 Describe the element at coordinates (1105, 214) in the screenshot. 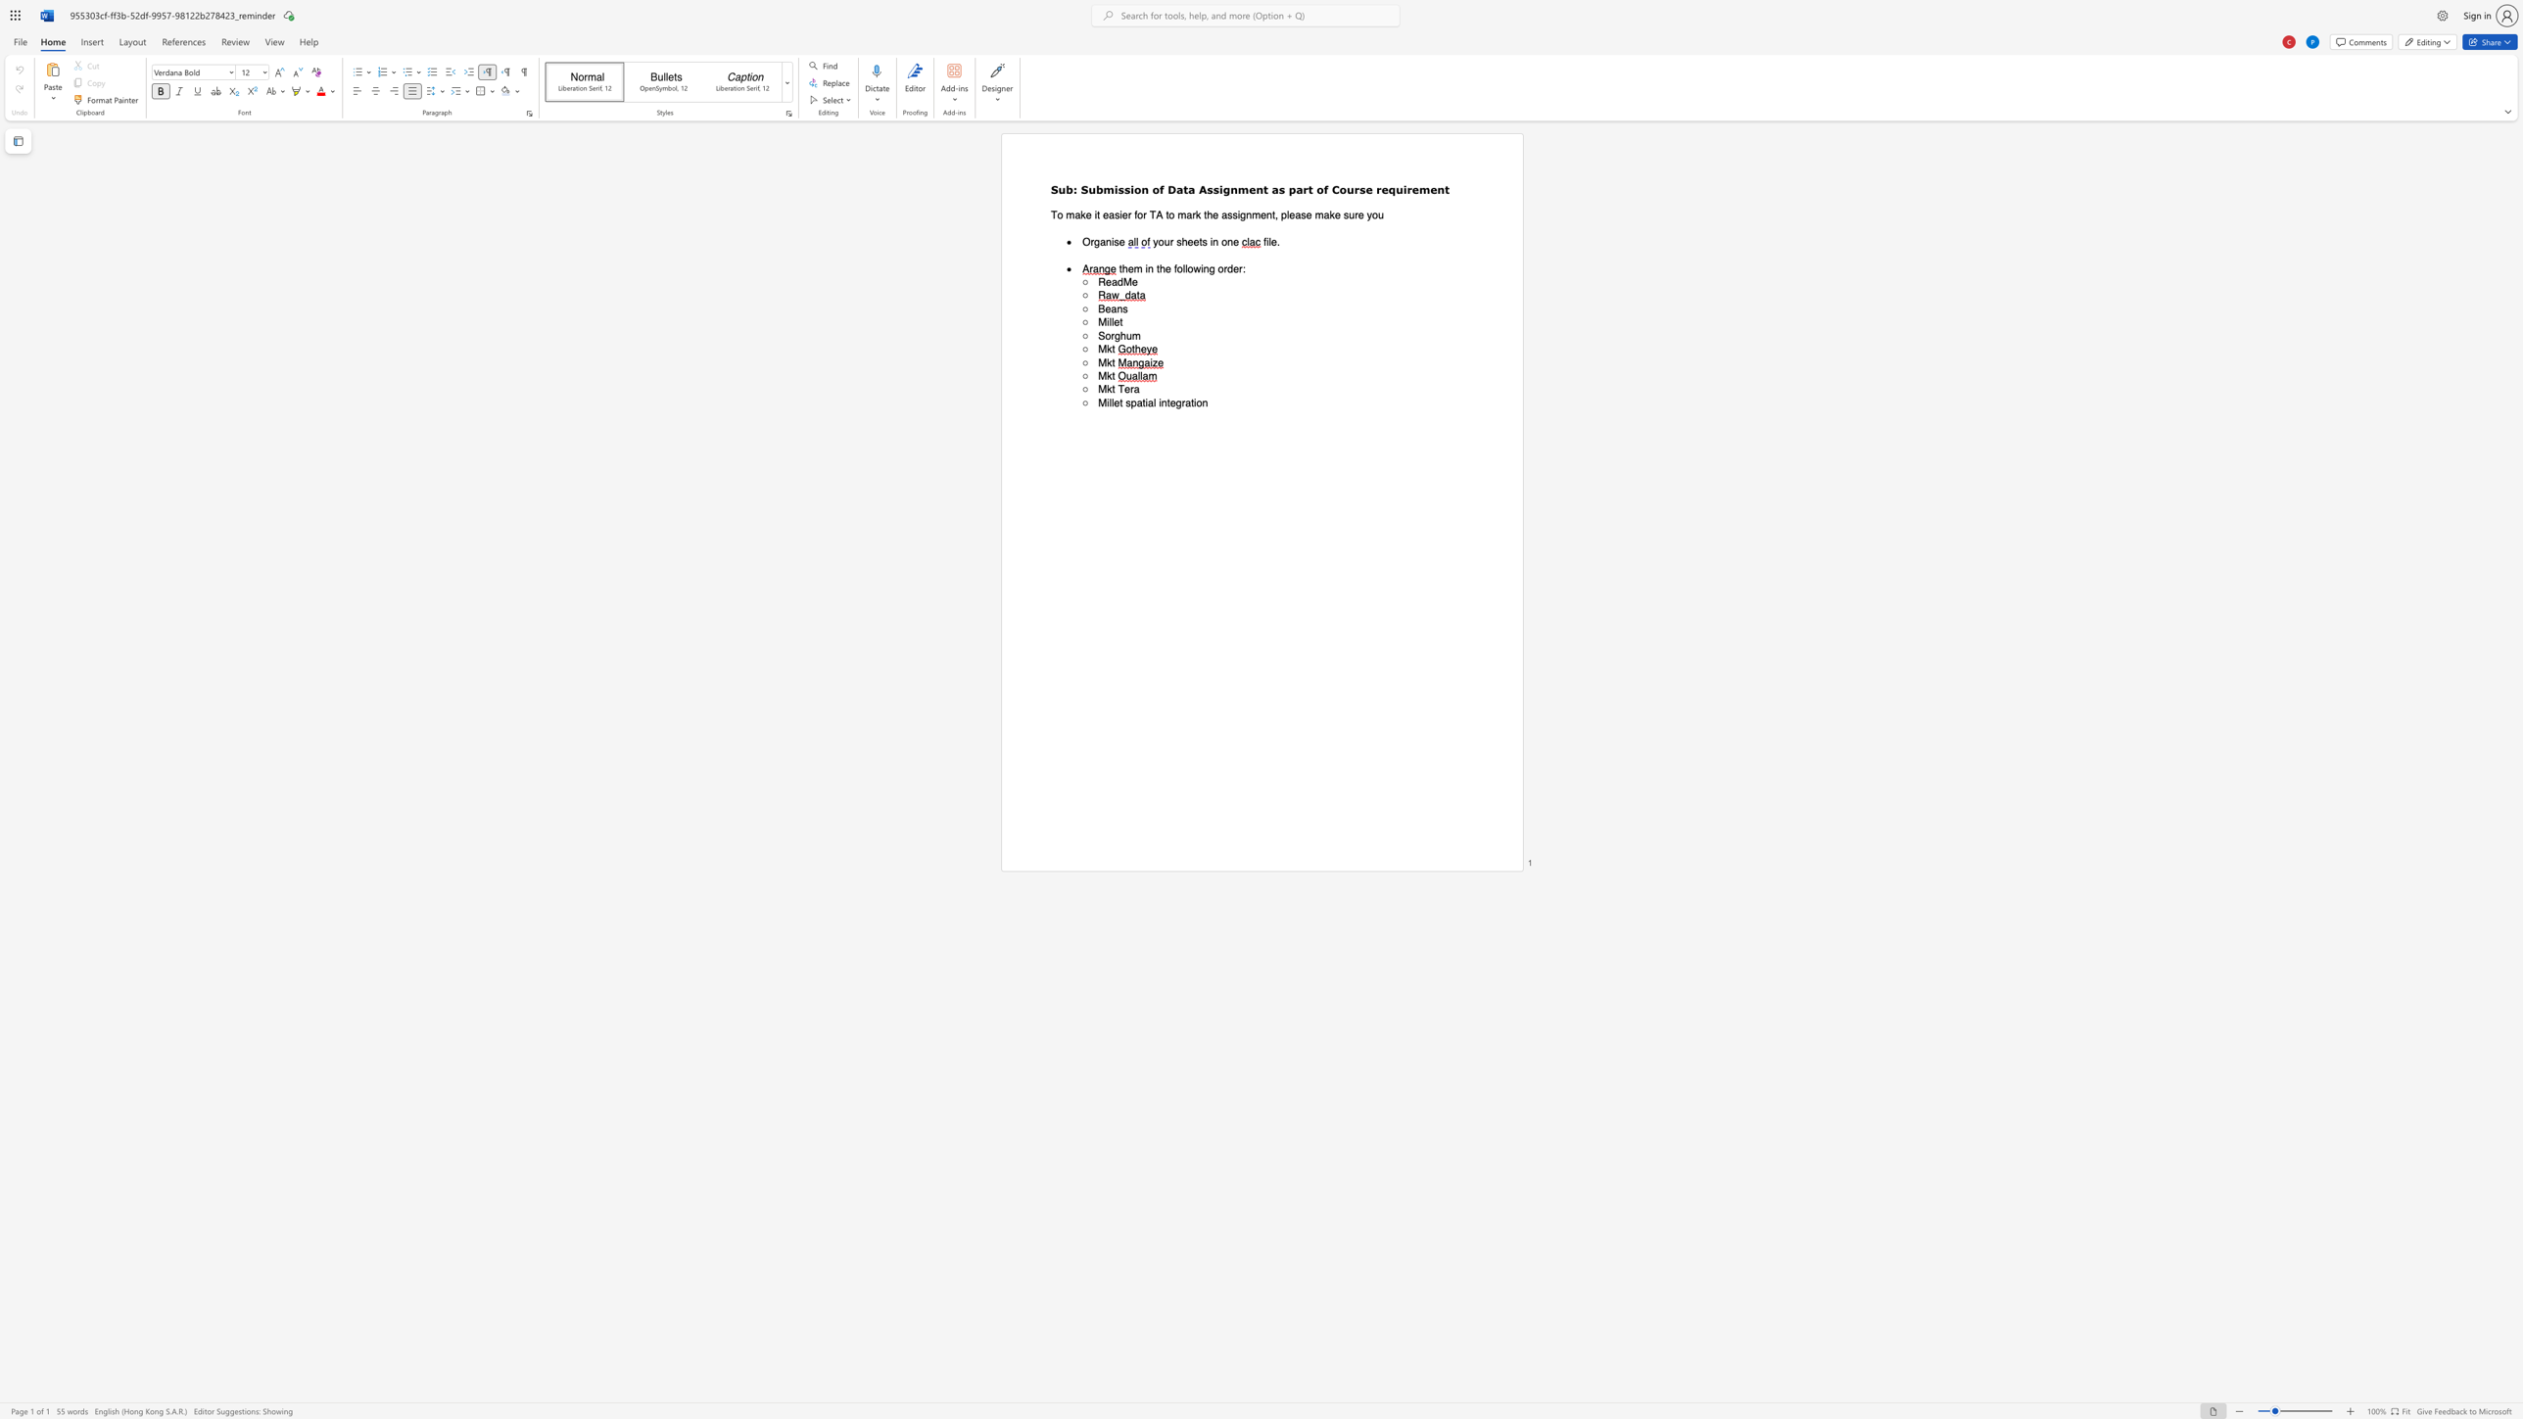

I see `the 2th character "e" in the text` at that location.